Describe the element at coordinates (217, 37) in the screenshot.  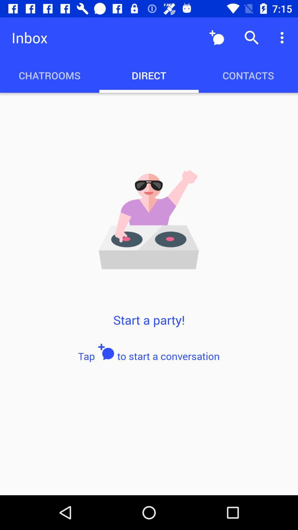
I see `item to the right of the inbox icon` at that location.